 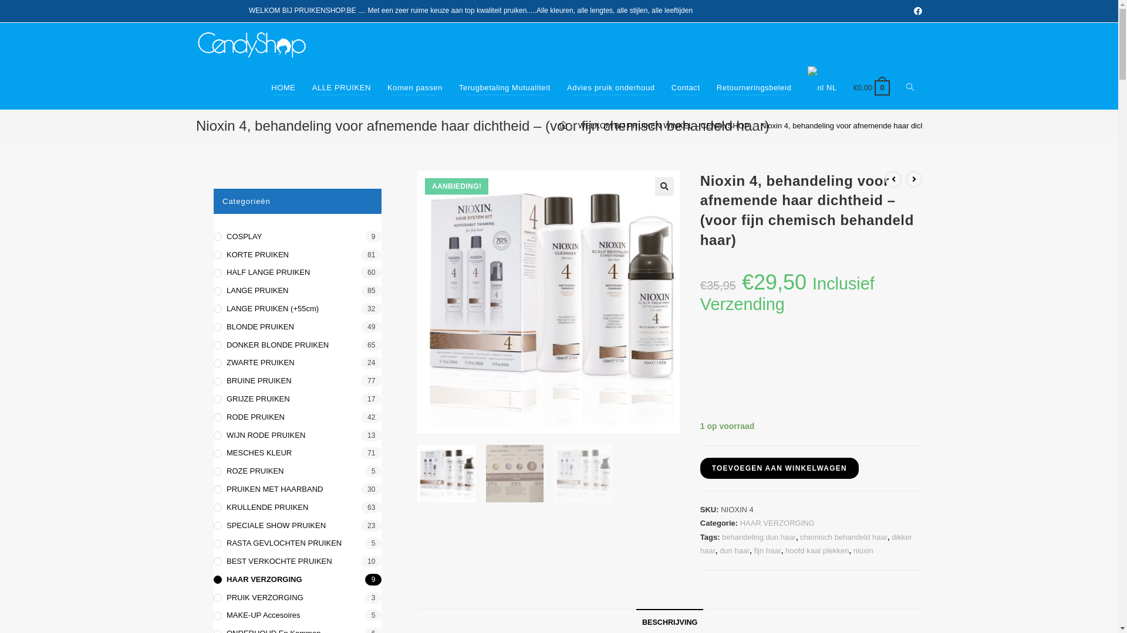 What do you see at coordinates (298, 362) in the screenshot?
I see `'ZWARTE PRUIKEN'` at bounding box center [298, 362].